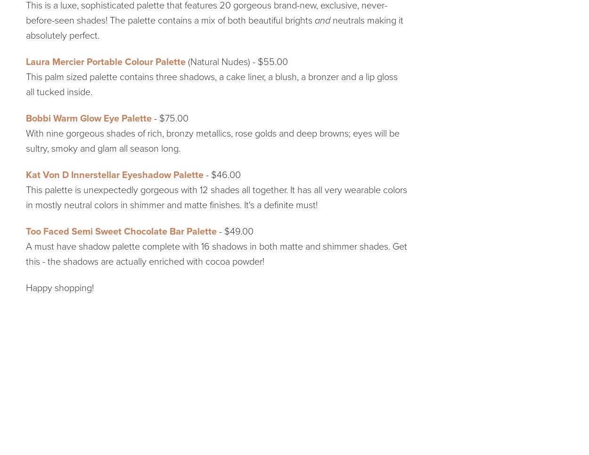 The height and width of the screenshot is (455, 589). Describe the element at coordinates (211, 84) in the screenshot. I see `'This palm sized palette contains three shadows, a cake liner, a blush, a bronzer and a lip gloss all tucked inside.'` at that location.